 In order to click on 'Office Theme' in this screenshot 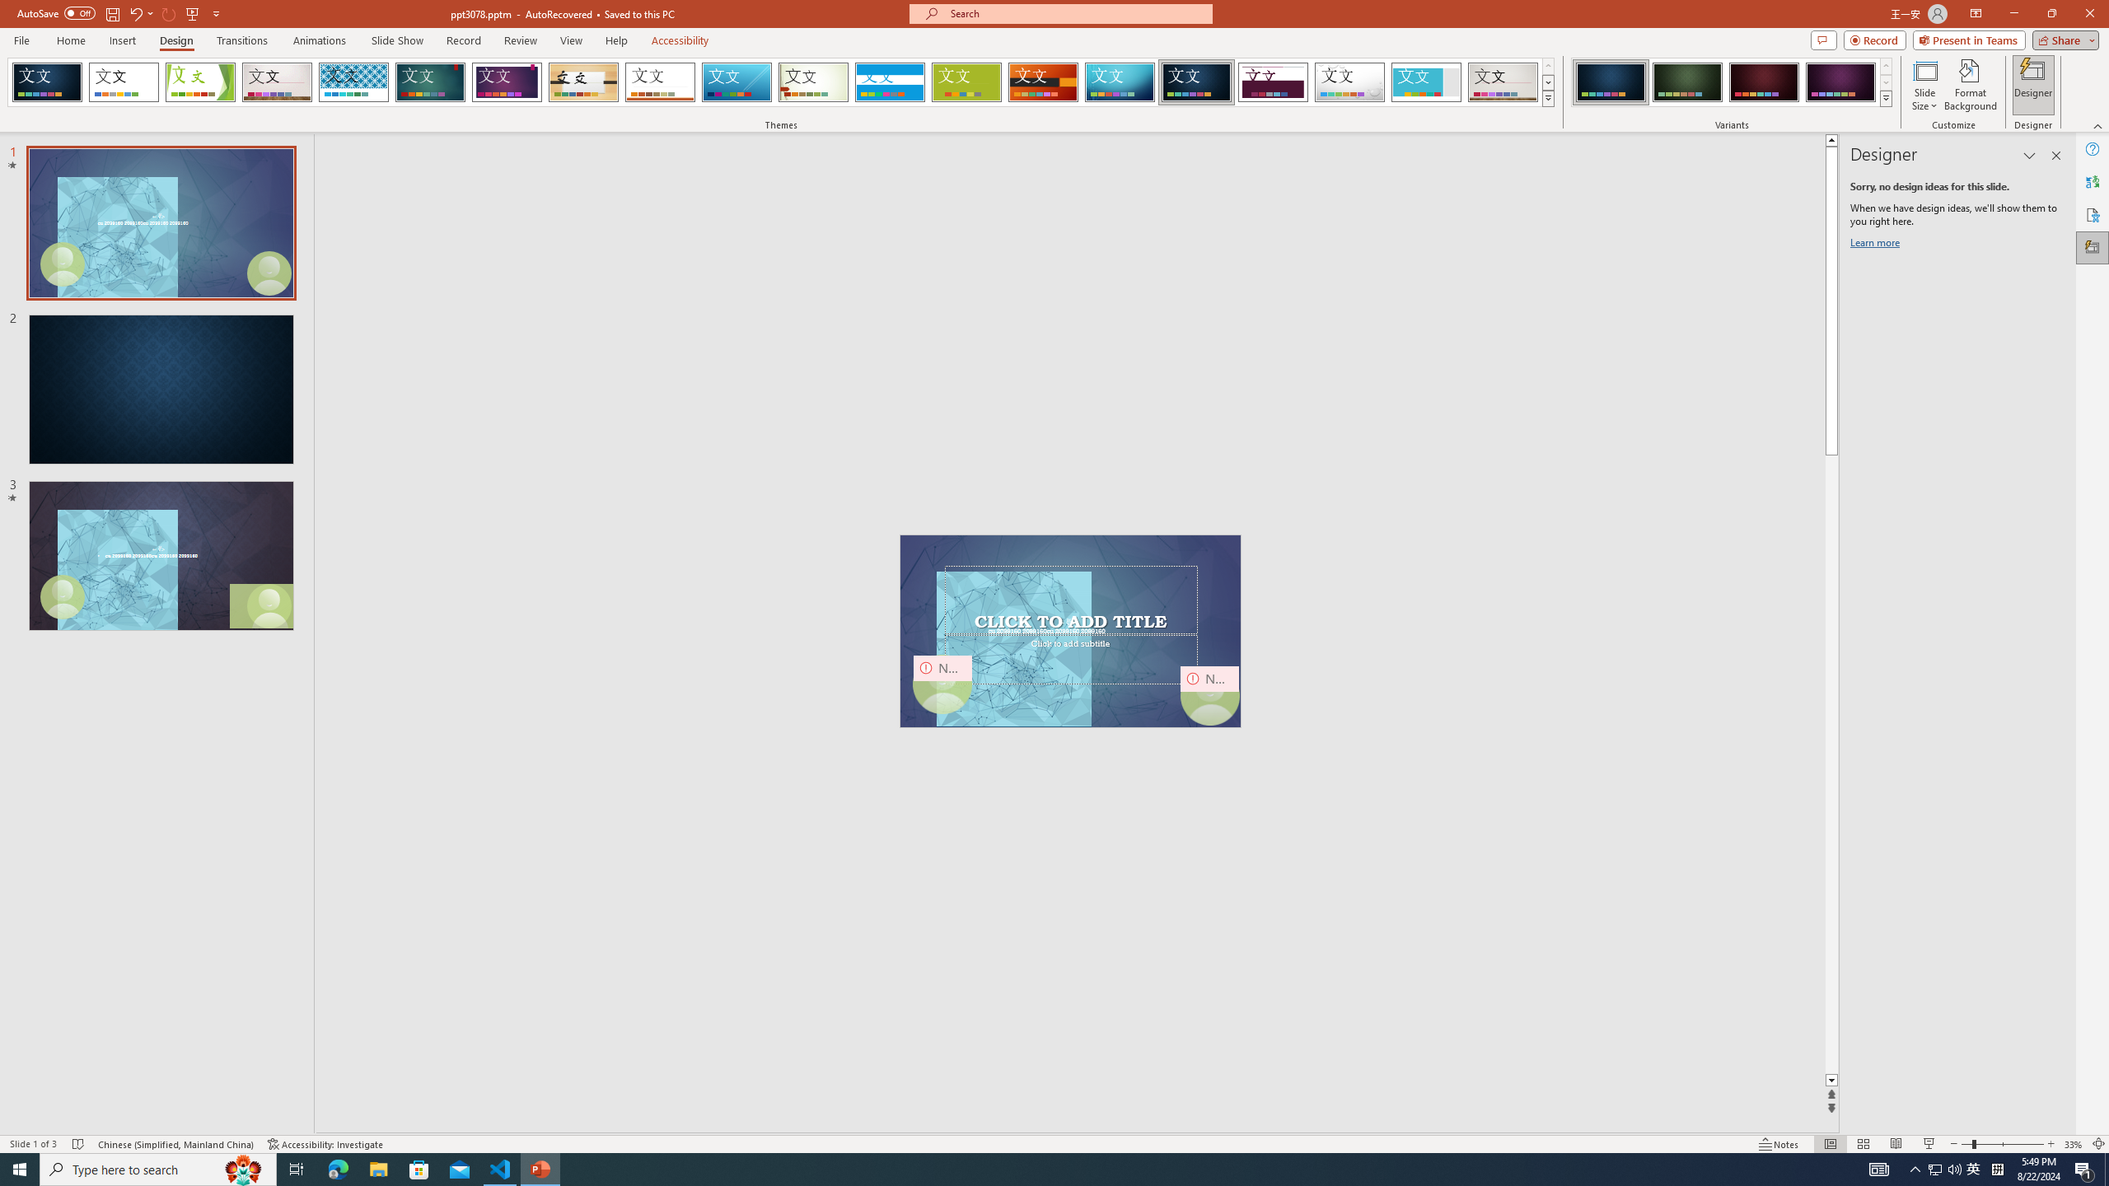, I will do `click(124, 82)`.